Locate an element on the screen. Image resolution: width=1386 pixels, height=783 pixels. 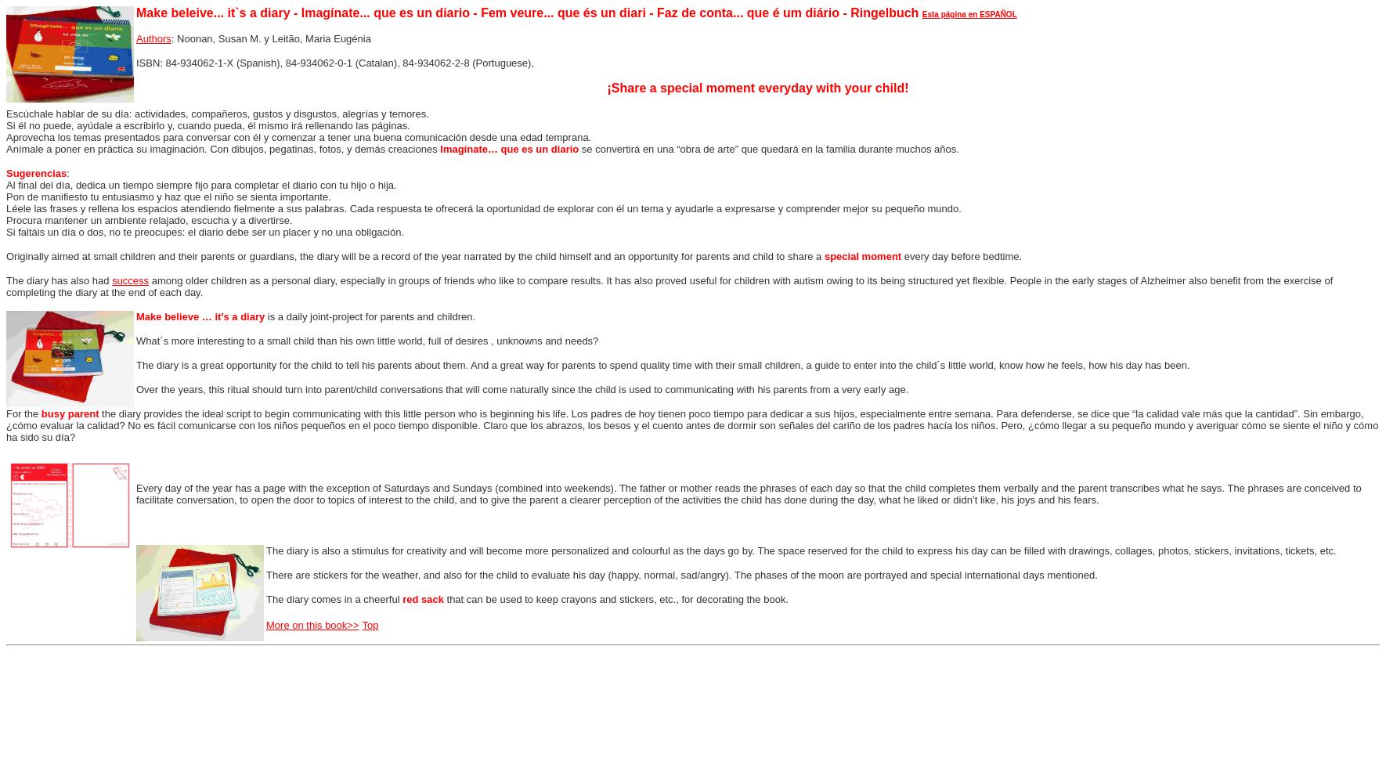
'Sugerencias' is located at coordinates (5, 172).